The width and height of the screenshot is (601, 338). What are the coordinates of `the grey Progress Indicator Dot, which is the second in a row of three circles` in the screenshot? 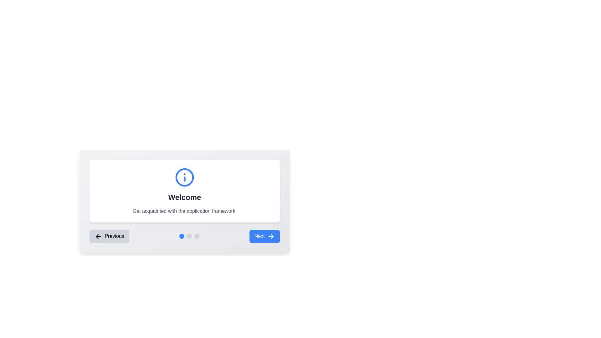 It's located at (189, 236).